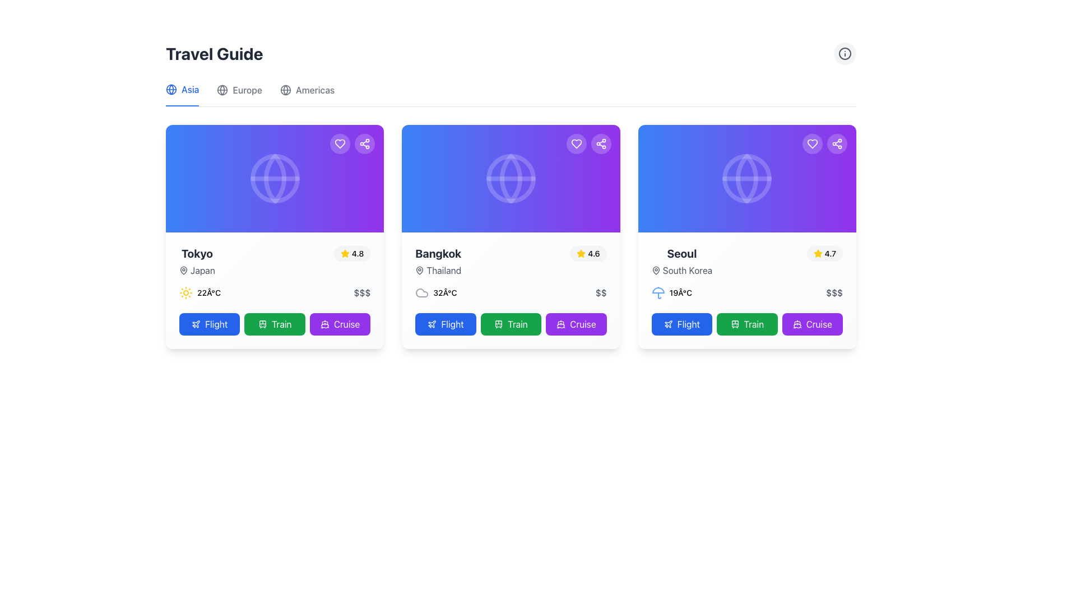  Describe the element at coordinates (681, 261) in the screenshot. I see `the text label displaying the name of a city and its corresponding country, located in the top section of the third card from the left, above the temperature information` at that location.